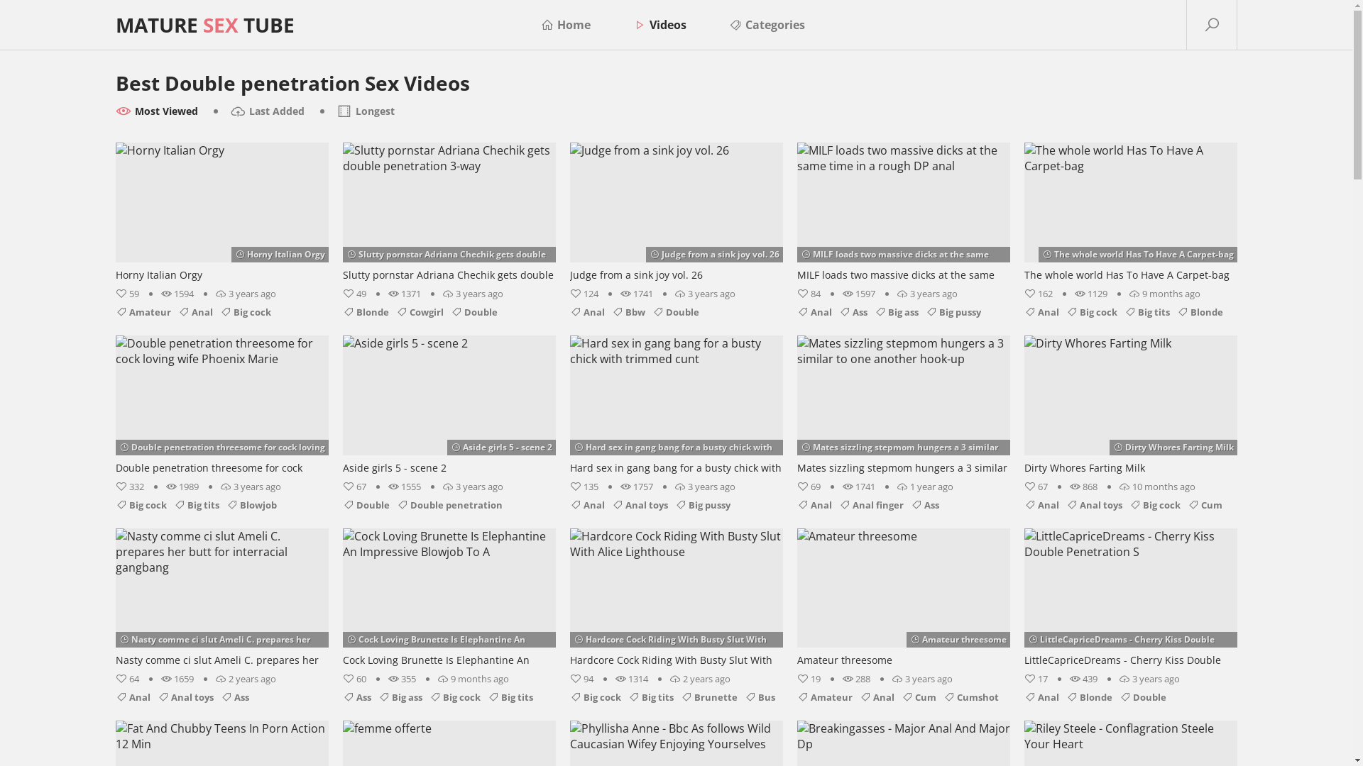  Describe the element at coordinates (926, 311) in the screenshot. I see `'Big pussy'` at that location.